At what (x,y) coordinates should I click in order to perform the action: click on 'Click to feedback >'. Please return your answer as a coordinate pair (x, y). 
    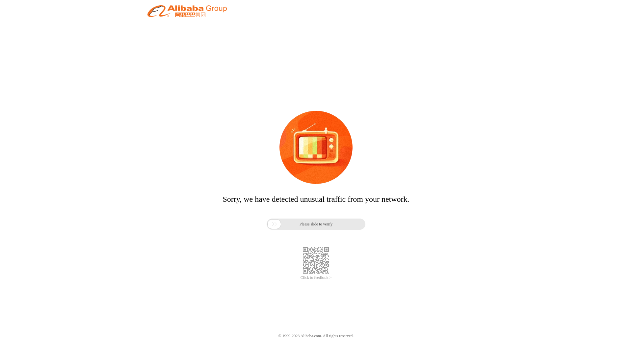
    Looking at the image, I should click on (316, 278).